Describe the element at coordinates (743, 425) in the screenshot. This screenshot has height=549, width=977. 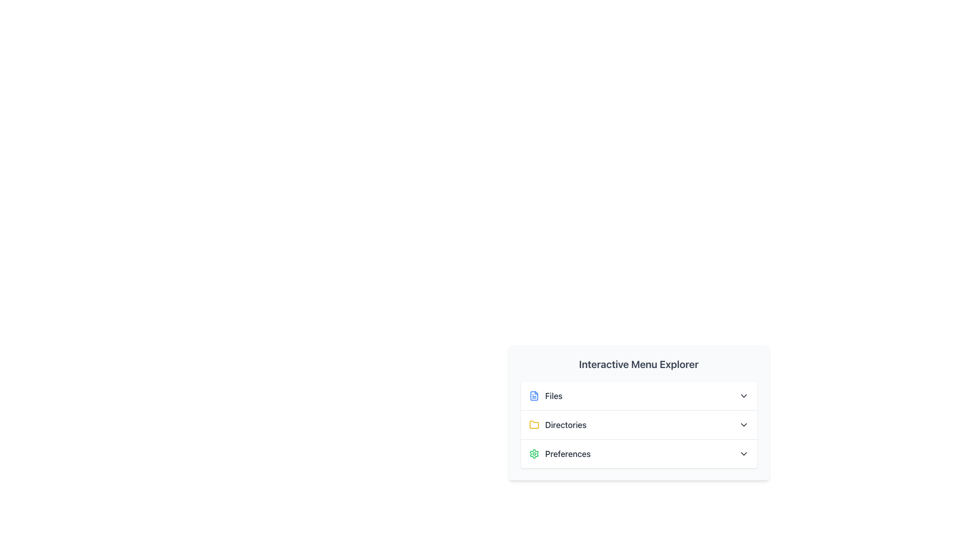
I see `the downward-pointing chevron icon located to the right of the 'Directories' text label in the menu, positioned in the second row` at that location.